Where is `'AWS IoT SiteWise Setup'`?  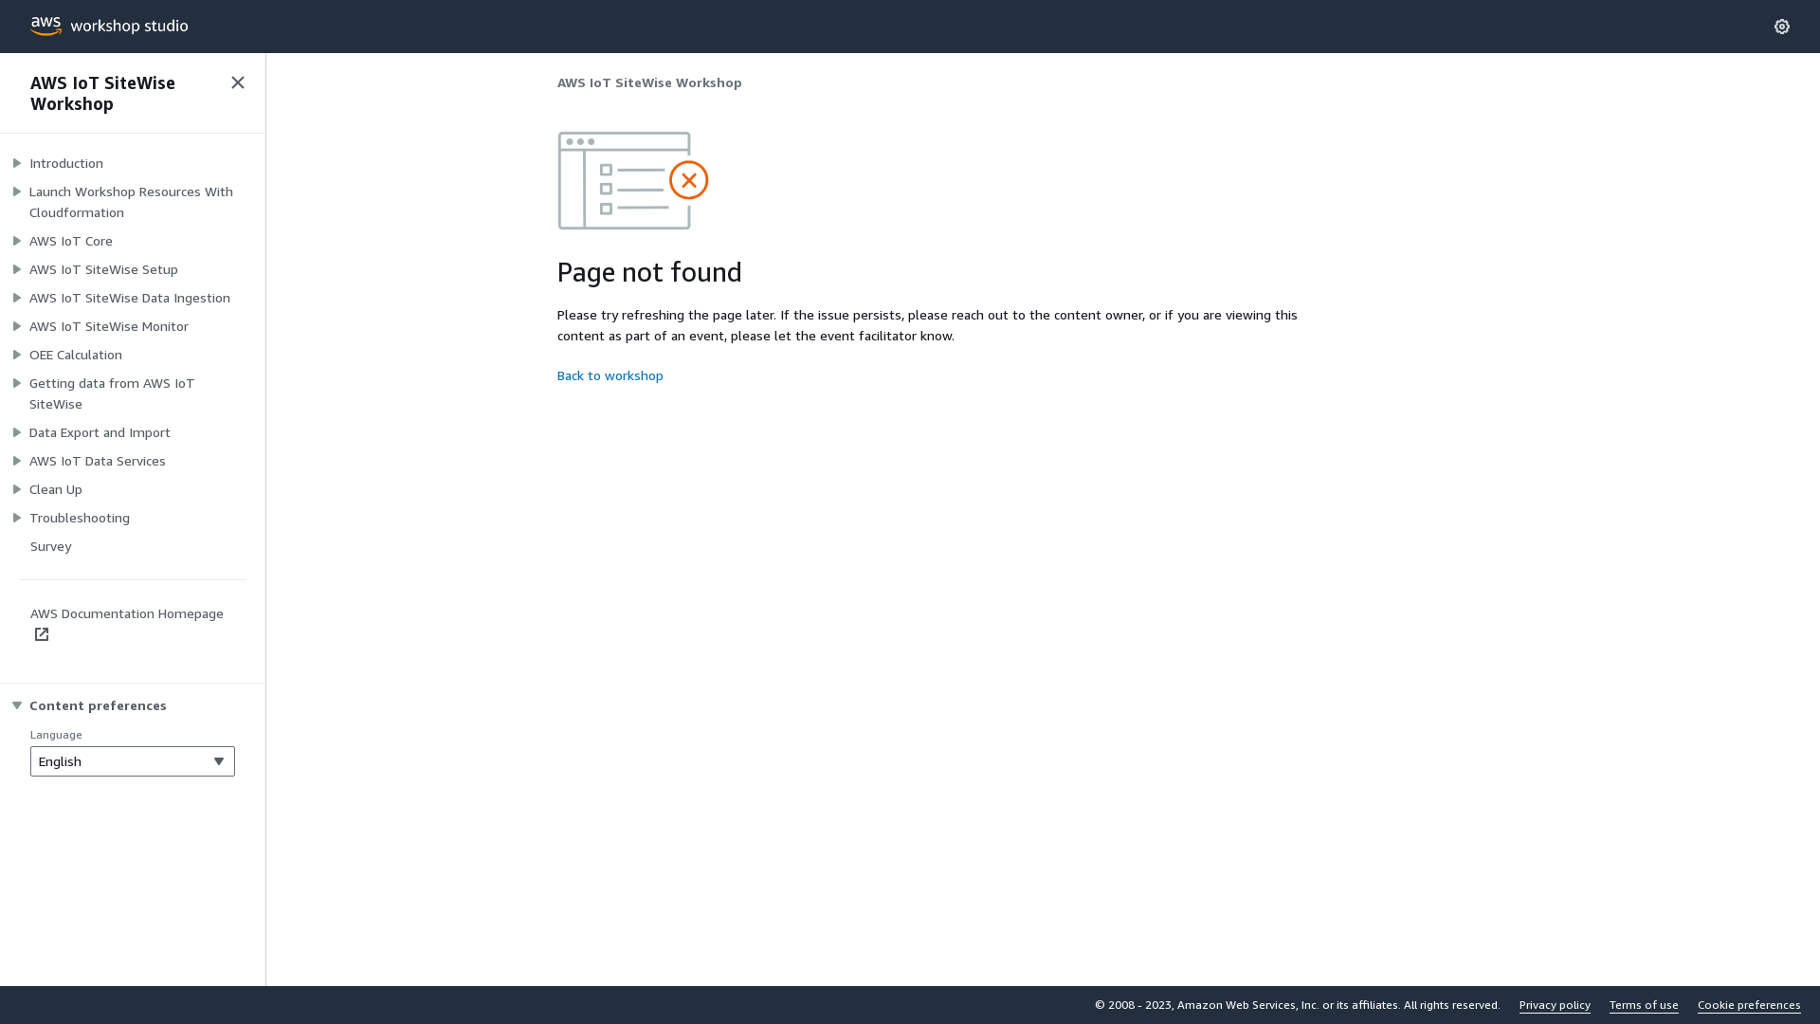
'AWS IoT SiteWise Setup' is located at coordinates (102, 269).